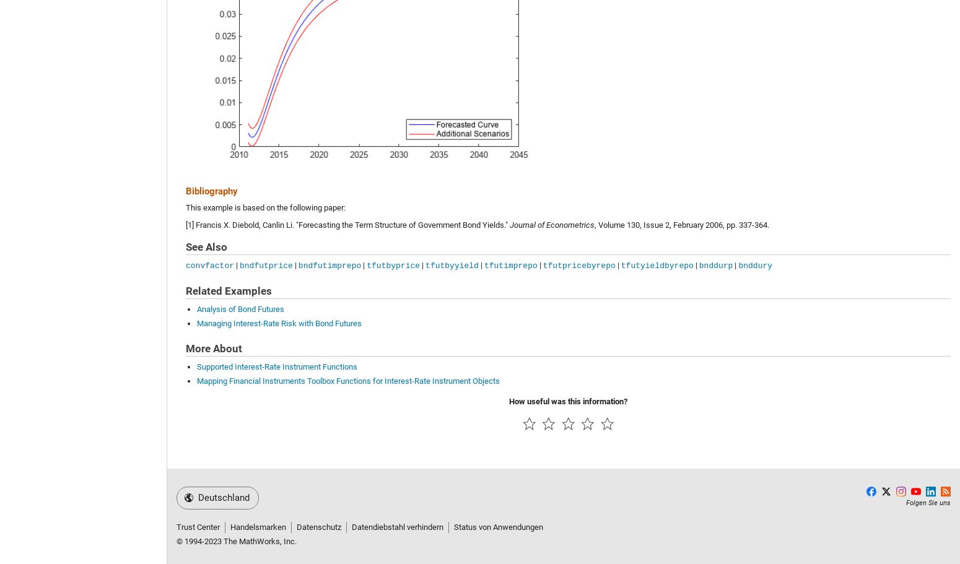 The image size is (960, 564). I want to click on 'tfutbyyield', so click(452, 265).